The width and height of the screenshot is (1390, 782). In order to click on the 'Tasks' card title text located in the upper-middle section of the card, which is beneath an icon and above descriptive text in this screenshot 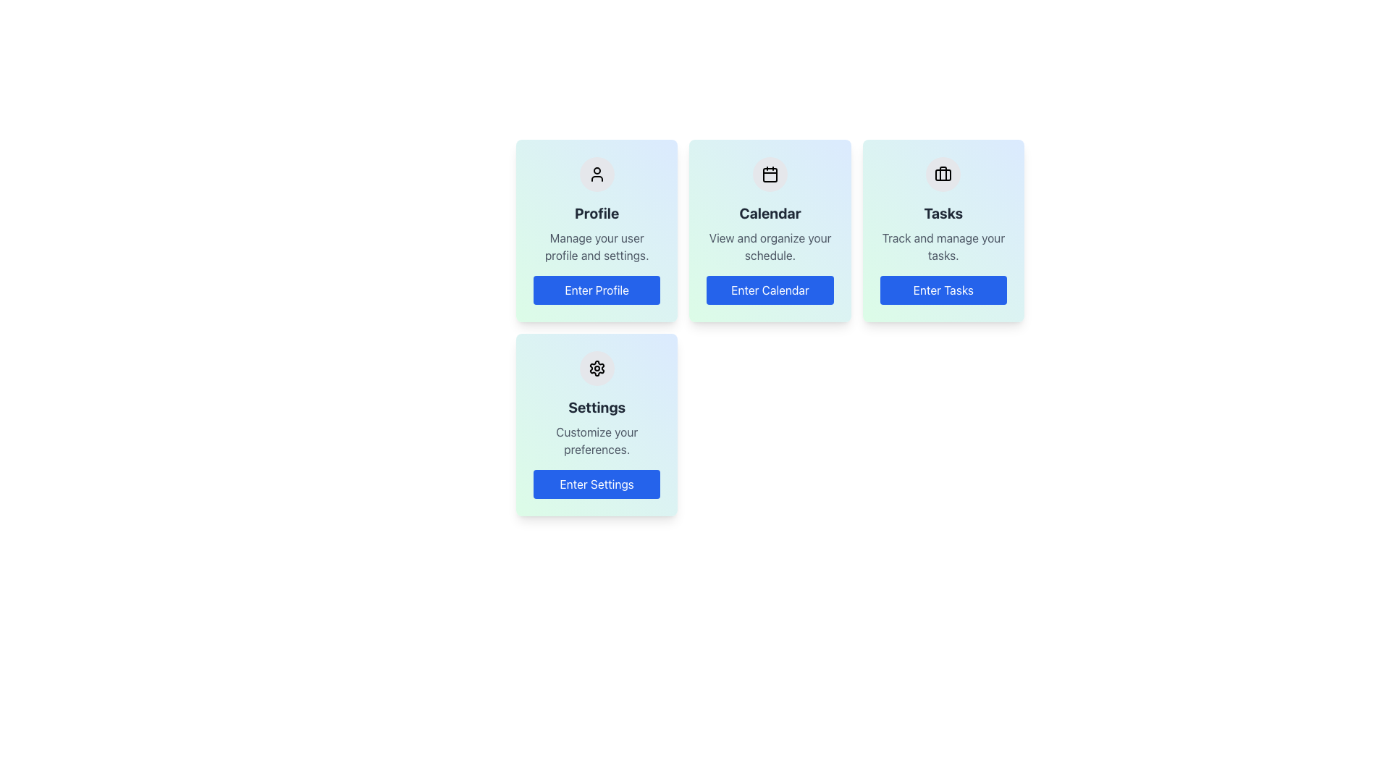, I will do `click(943, 213)`.